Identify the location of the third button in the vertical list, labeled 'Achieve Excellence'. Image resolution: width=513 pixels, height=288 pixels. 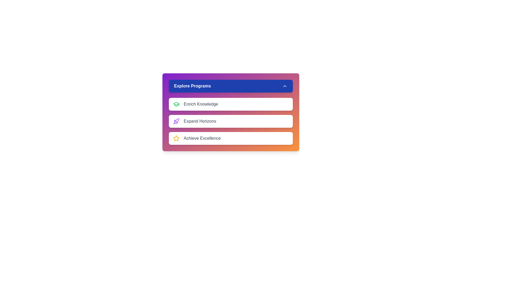
(231, 138).